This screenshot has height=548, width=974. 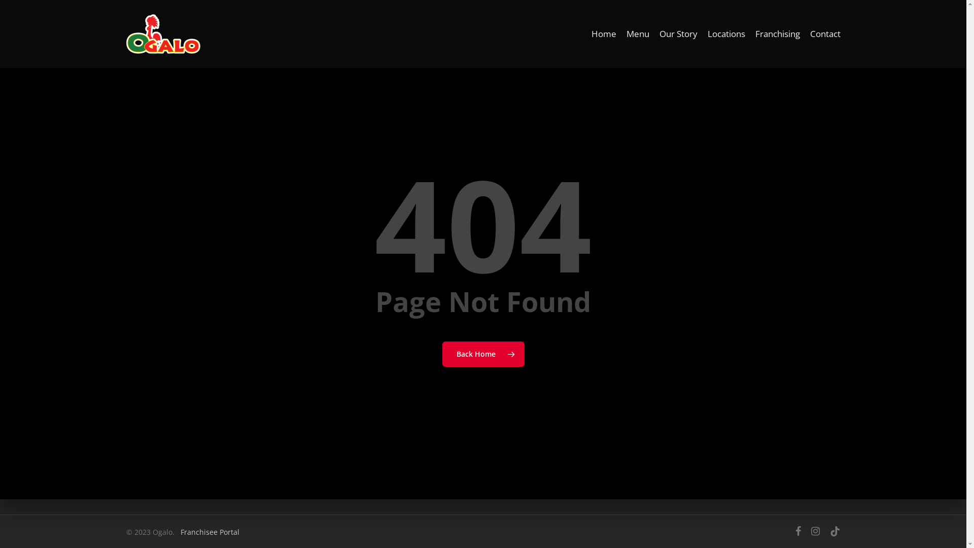 I want to click on 'Franchising', so click(x=776, y=33).